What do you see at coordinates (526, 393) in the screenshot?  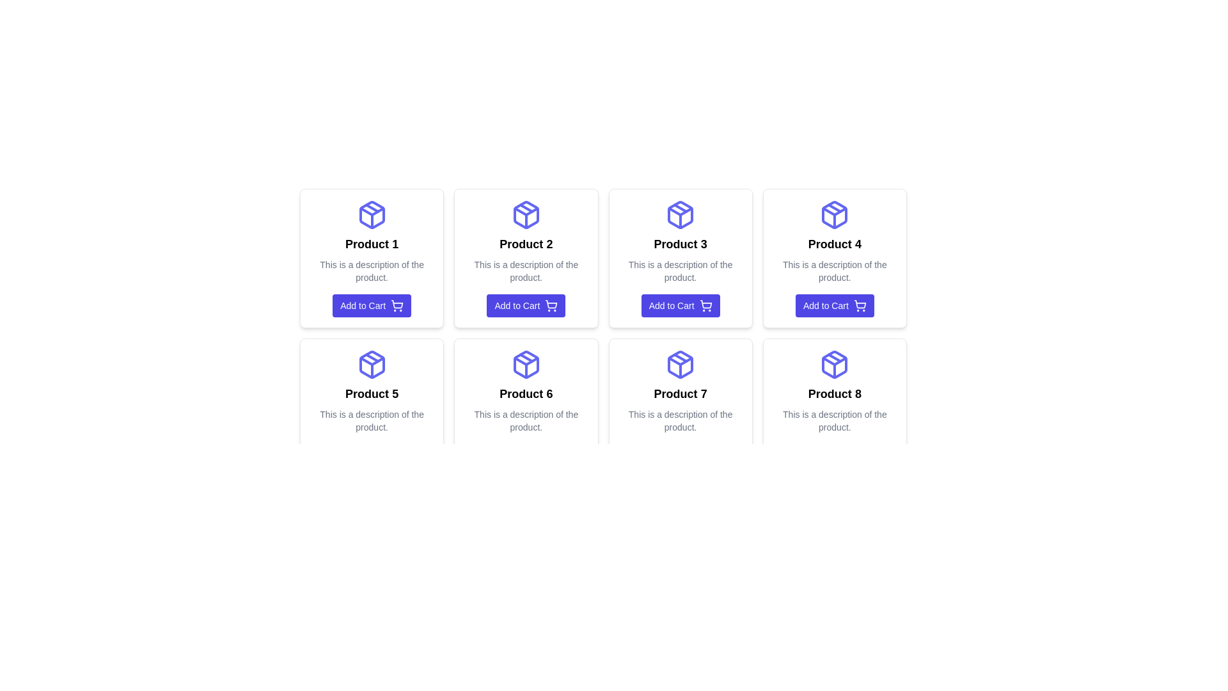 I see `text label identifying the product as 'Product 6', which is located in the second row and second column of the grid layout, beneath the product icon` at bounding box center [526, 393].